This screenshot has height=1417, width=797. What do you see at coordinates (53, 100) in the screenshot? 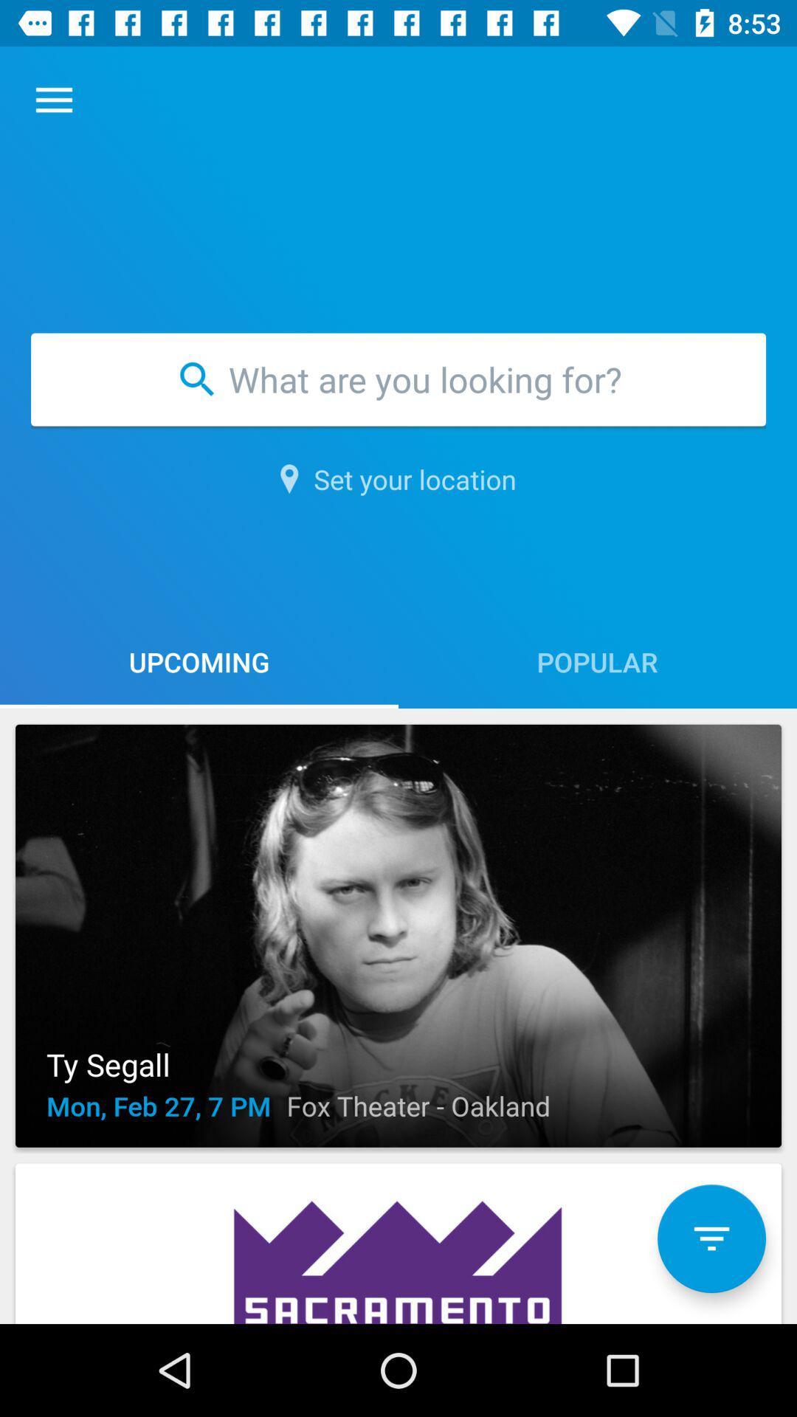
I see `icon at the top left corner` at bounding box center [53, 100].